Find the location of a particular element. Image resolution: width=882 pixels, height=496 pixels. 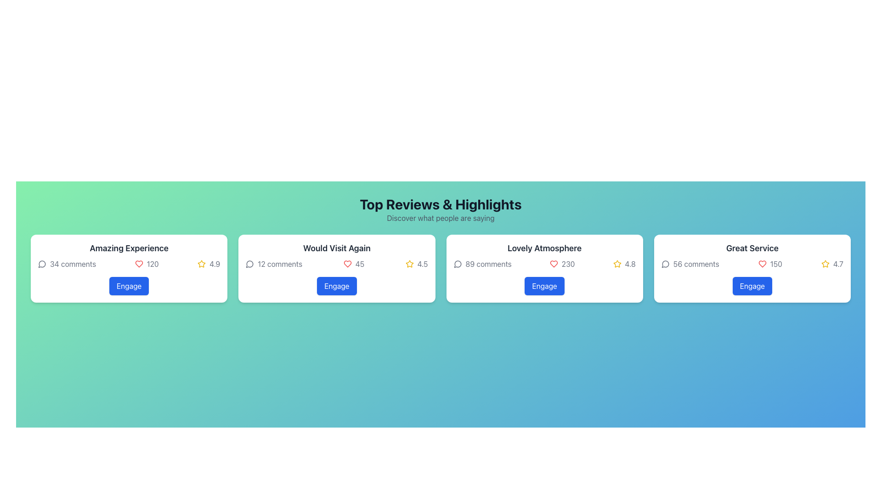

the yellow outlined star icon representing a rating, located in the second card titled 'Would Visit Again', beside the numerical rating display '4.5' is located at coordinates (409, 264).